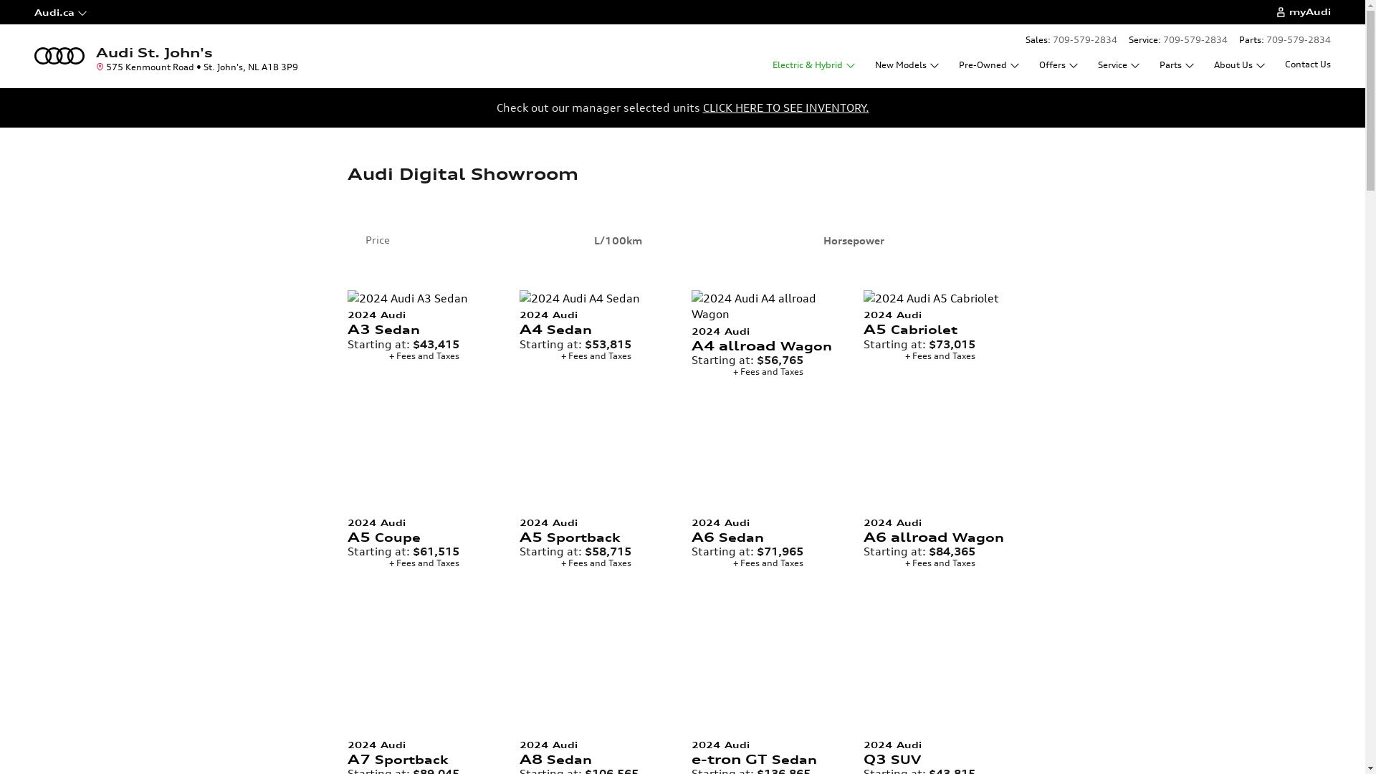  Describe the element at coordinates (87, 11) in the screenshot. I see `'Audi.ca'` at that location.